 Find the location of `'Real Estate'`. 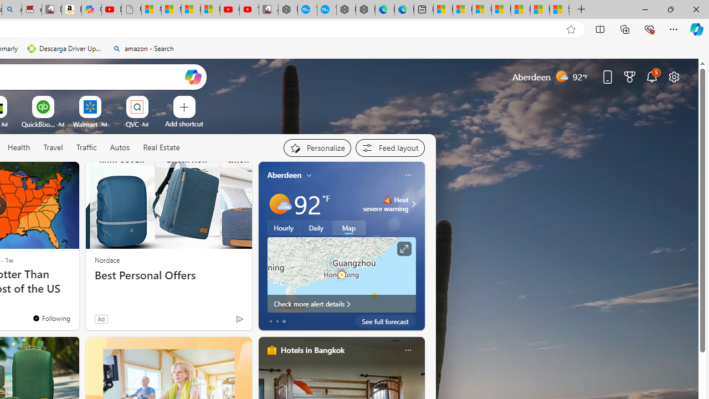

'Real Estate' is located at coordinates (161, 147).